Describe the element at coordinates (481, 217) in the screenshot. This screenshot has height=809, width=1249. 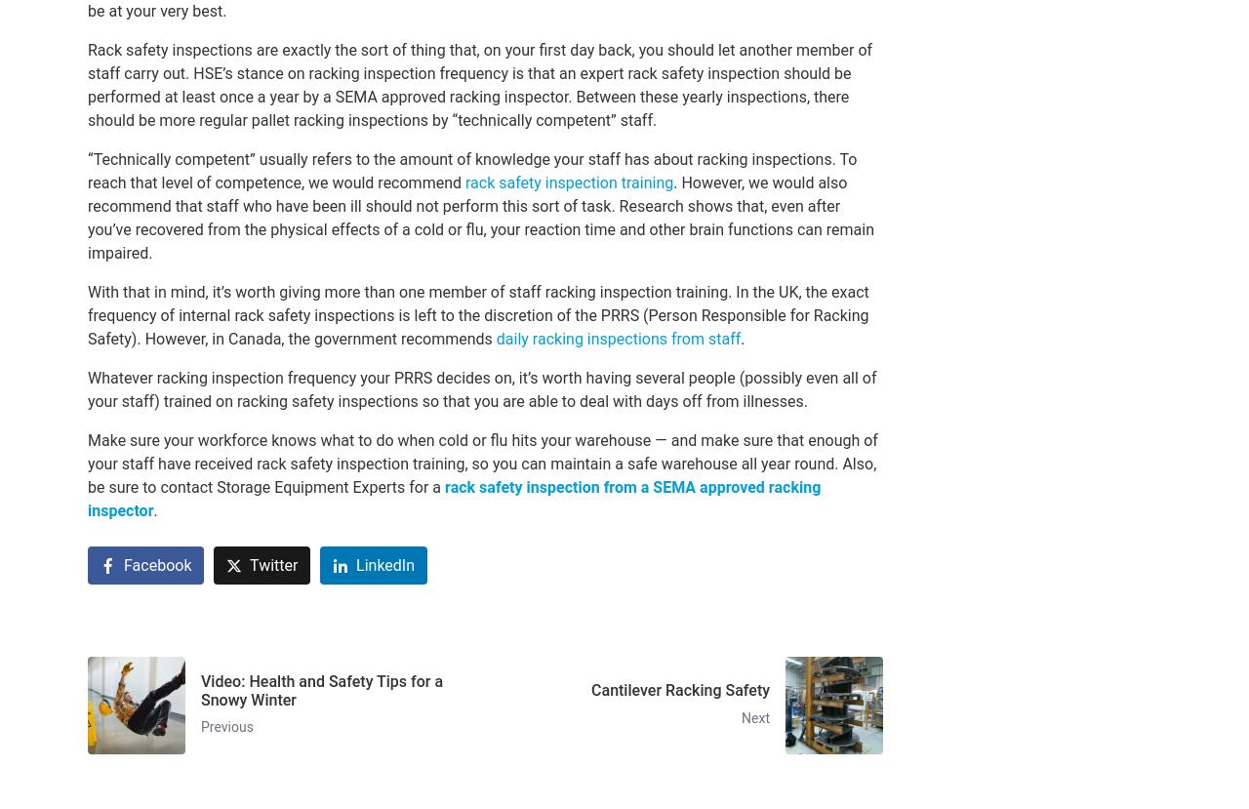
I see `'. However, we would also recommend that staff who have been ill should not perform this sort of task. Research shows that, even after you’ve recovered from the physical effects of a cold or flu, your reaction time and other brain functions can remain impaired.'` at that location.